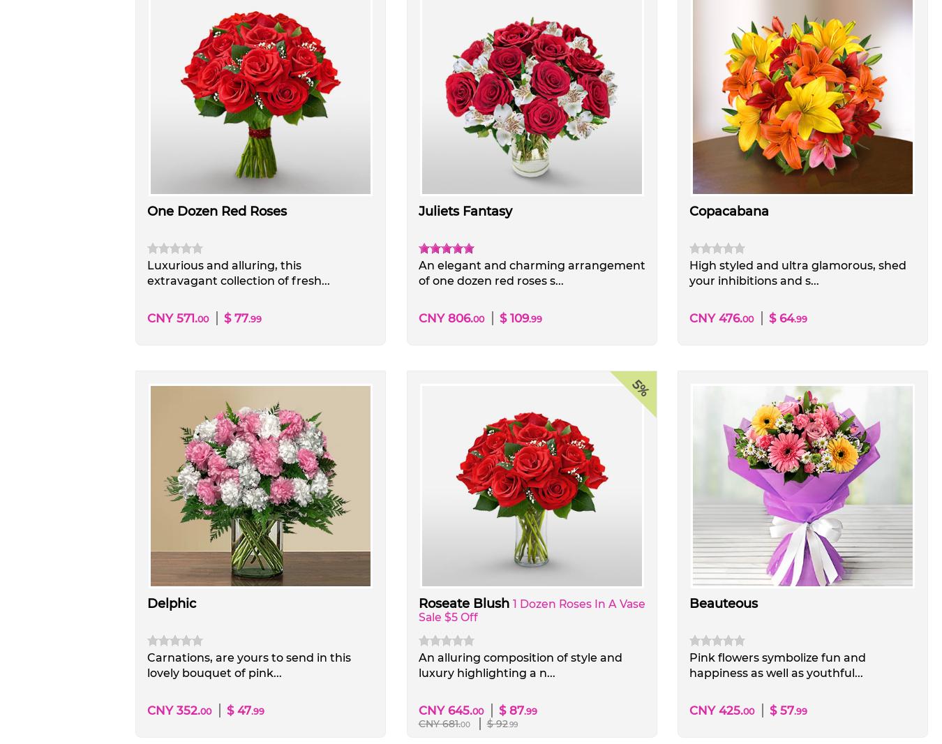  I want to click on 'Luxurious and alluring, this extravagant collection of fresh...', so click(238, 272).